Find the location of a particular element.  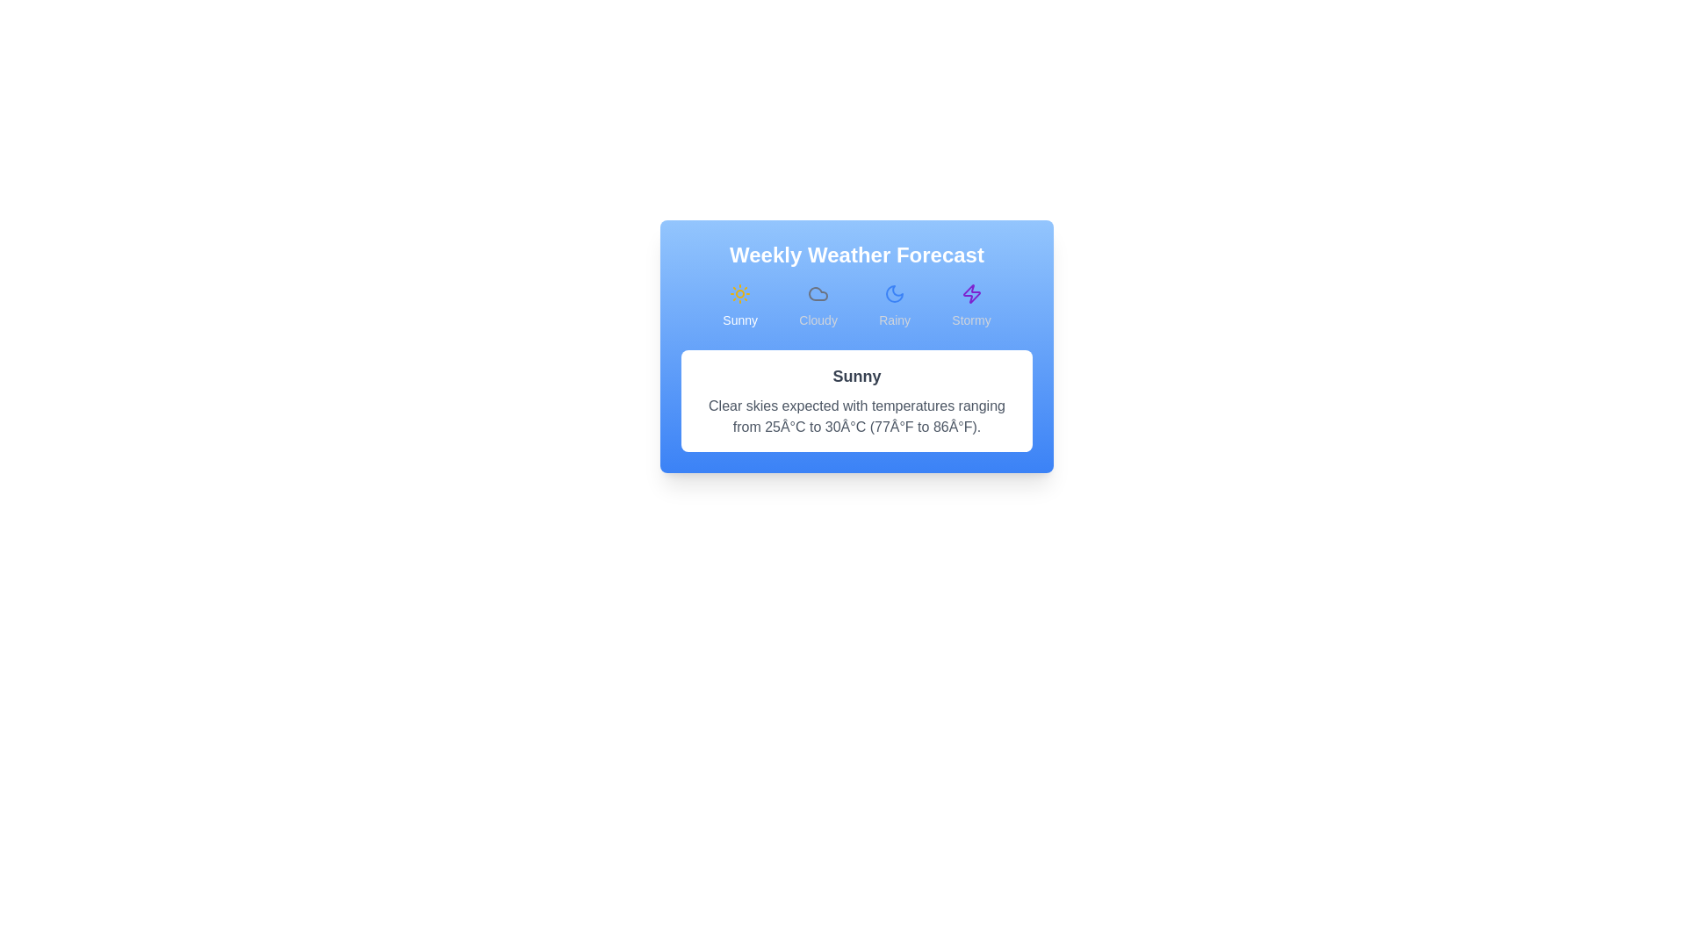

the weather tab labeled Rainy to view its details is located at coordinates (894, 305).